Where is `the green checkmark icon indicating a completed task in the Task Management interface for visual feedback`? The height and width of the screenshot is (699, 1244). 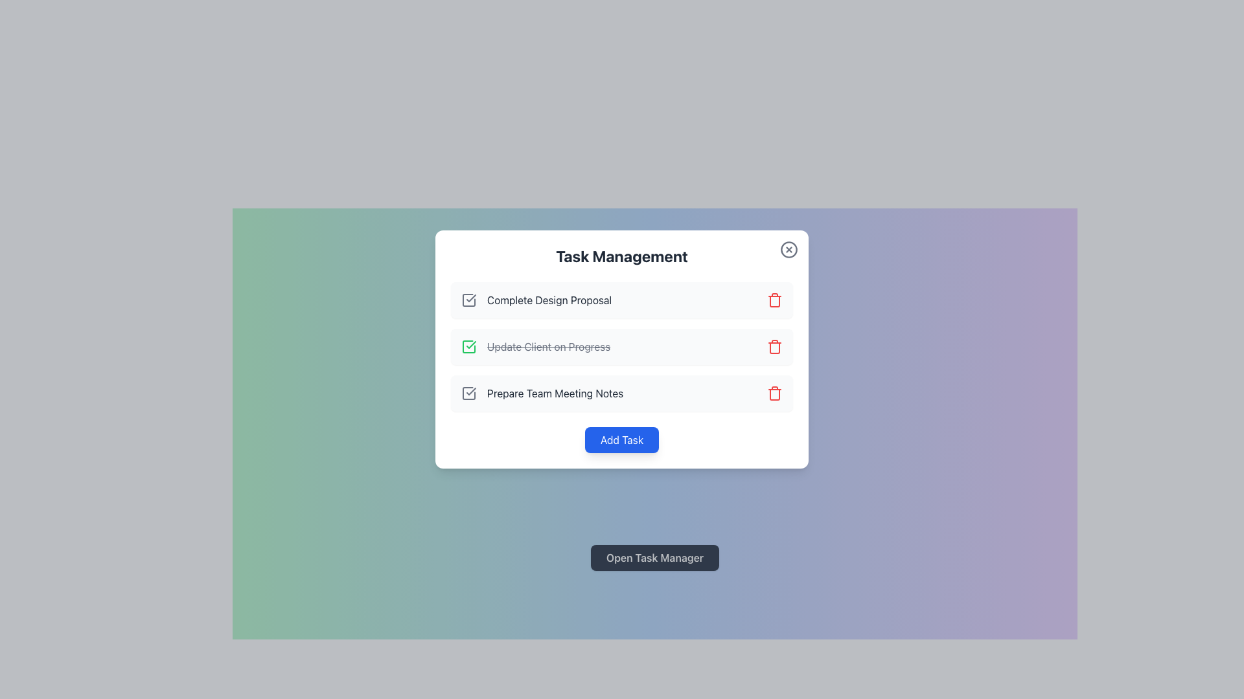 the green checkmark icon indicating a completed task in the Task Management interface for visual feedback is located at coordinates (468, 346).